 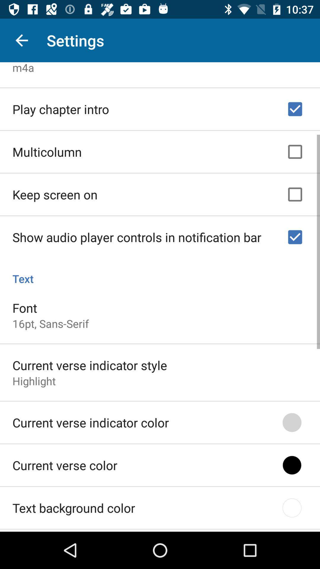 I want to click on the icon below play chapter intro, so click(x=47, y=150).